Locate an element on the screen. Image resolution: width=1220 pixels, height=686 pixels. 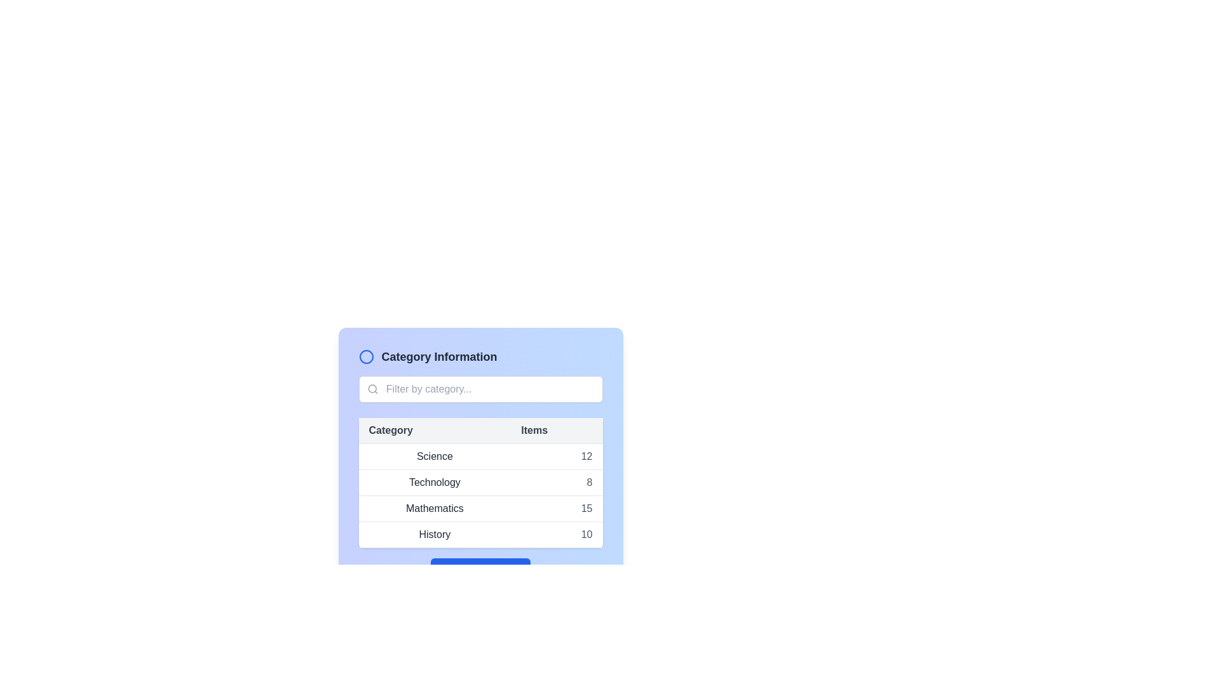
the 'Category Information' text label styled in bold and large dark gray font is located at coordinates (439, 357).